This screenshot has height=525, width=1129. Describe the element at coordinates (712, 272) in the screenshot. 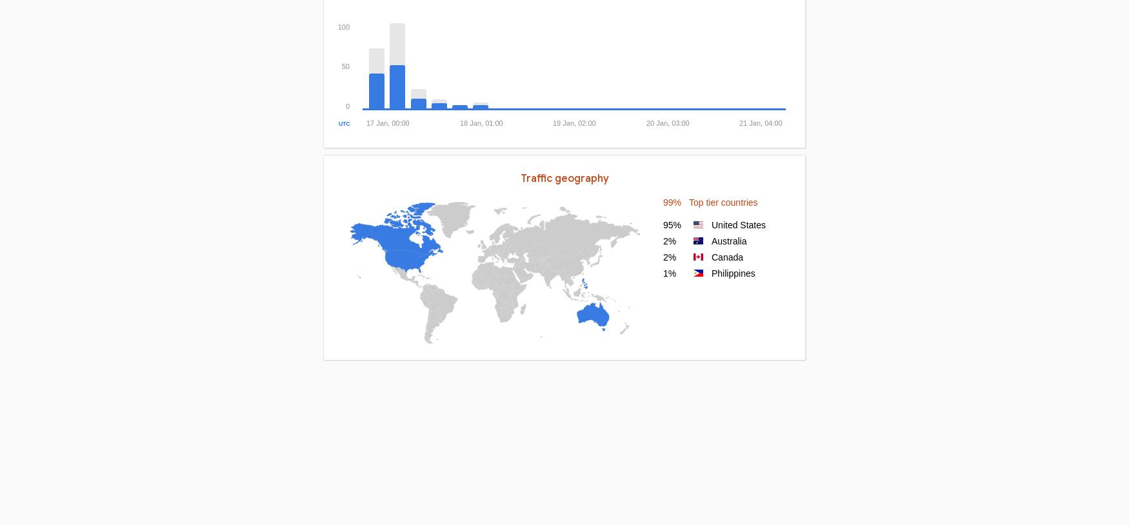

I see `'Philippines'` at that location.